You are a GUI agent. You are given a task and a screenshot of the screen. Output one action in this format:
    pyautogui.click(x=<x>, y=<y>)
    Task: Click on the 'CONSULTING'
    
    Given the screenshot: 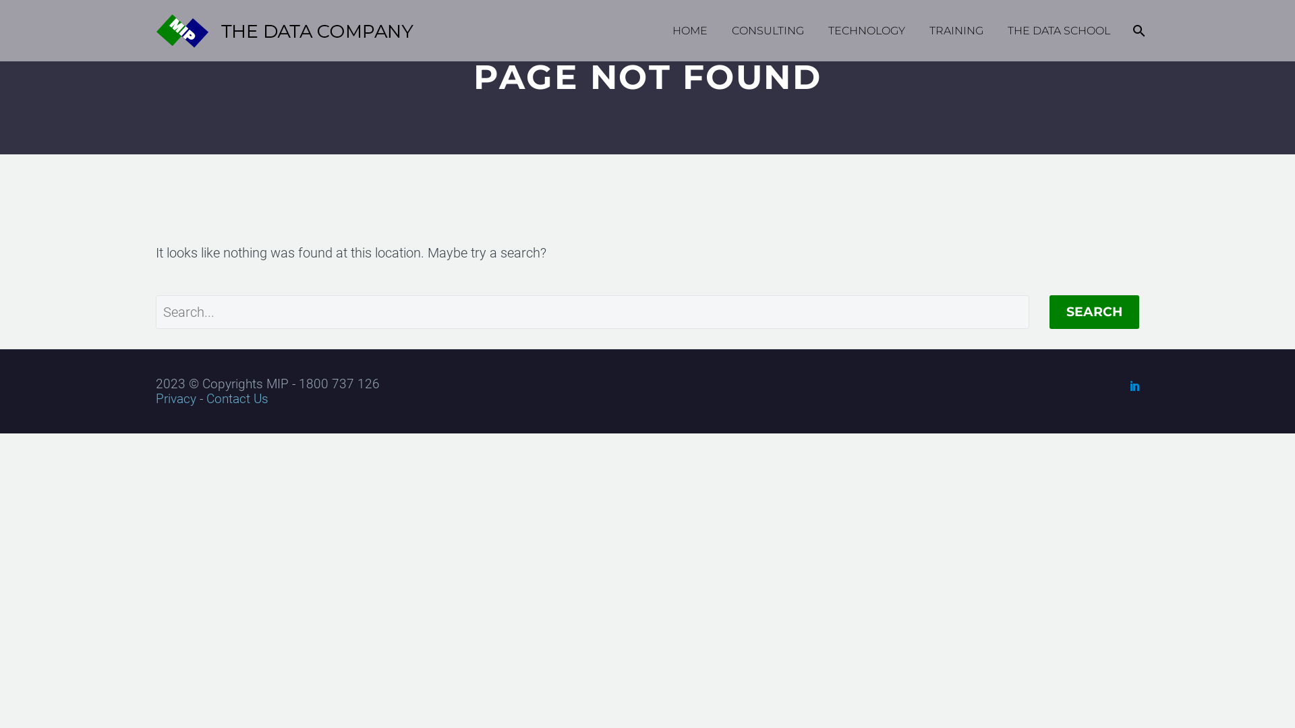 What is the action you would take?
    pyautogui.click(x=768, y=30)
    